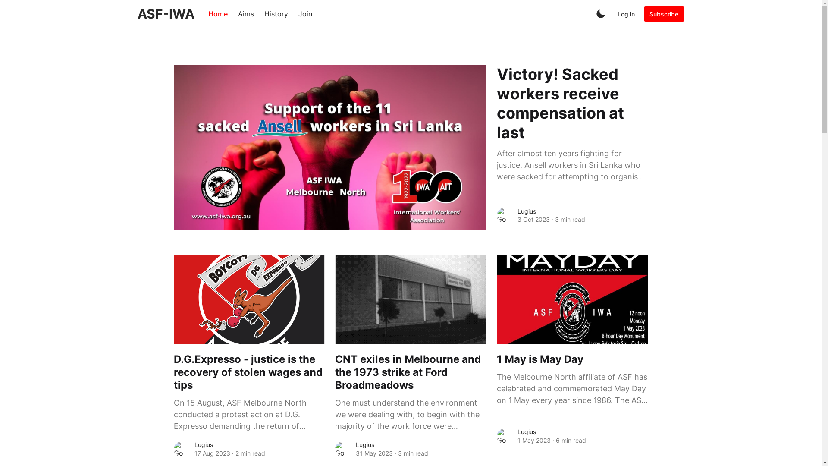  What do you see at coordinates (166, 13) in the screenshot?
I see `'ASF-IWA'` at bounding box center [166, 13].